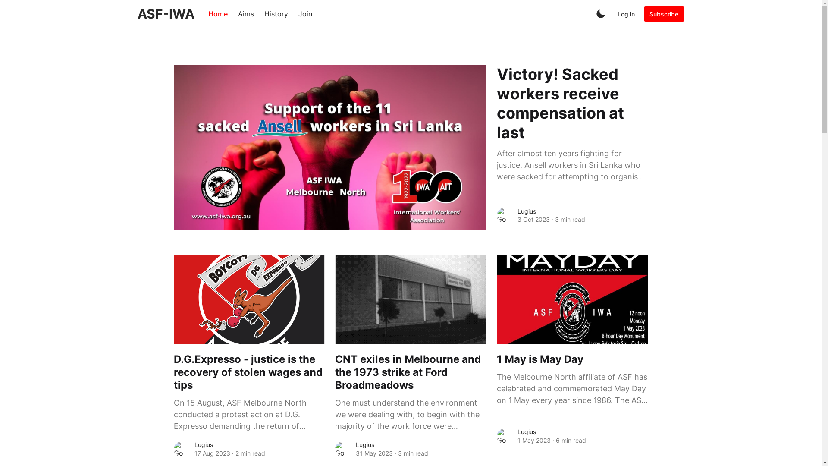  What do you see at coordinates (166, 13) in the screenshot?
I see `'ASF-IWA'` at bounding box center [166, 13].